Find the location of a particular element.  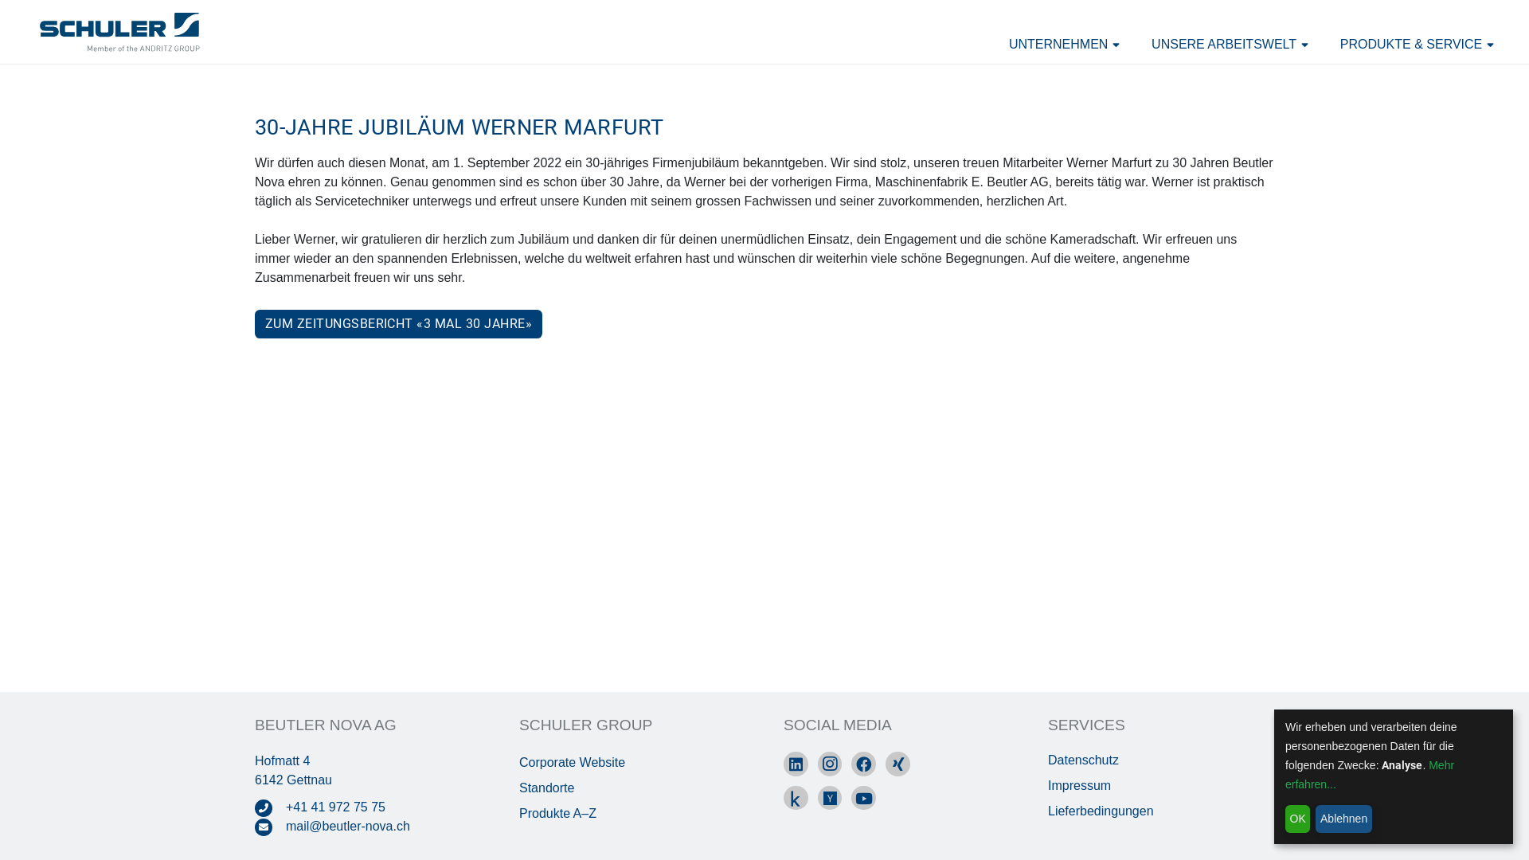

'Facebook' is located at coordinates (862, 763).